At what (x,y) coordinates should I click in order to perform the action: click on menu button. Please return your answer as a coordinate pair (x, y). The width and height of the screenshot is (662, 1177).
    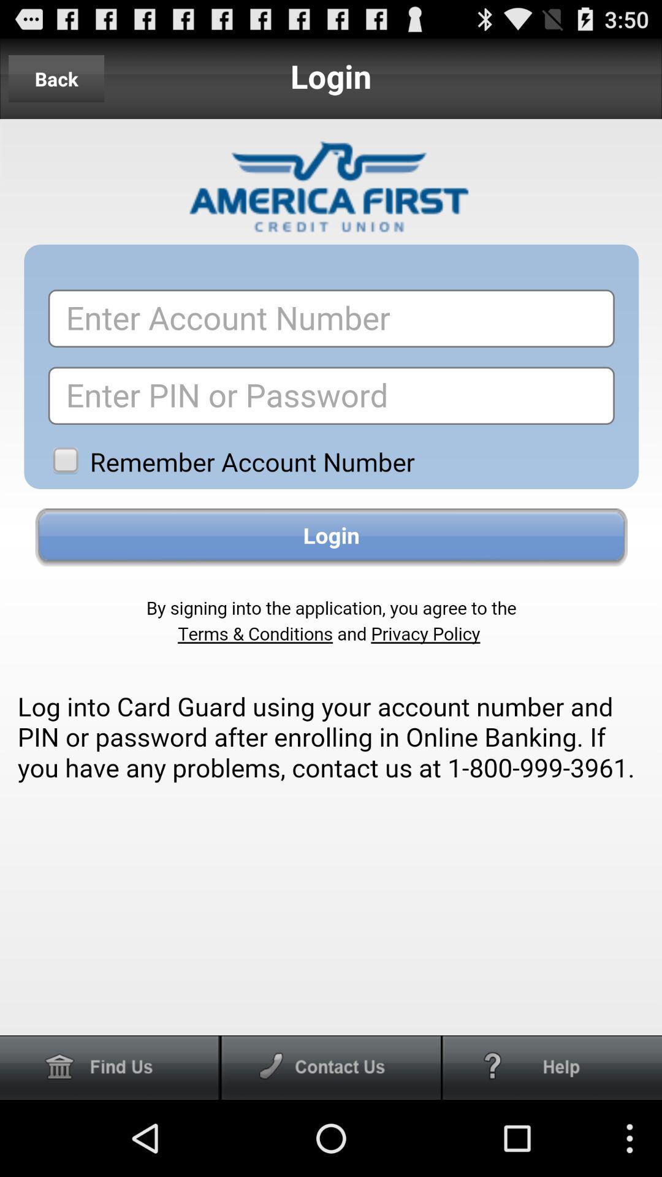
    Looking at the image, I should click on (331, 1067).